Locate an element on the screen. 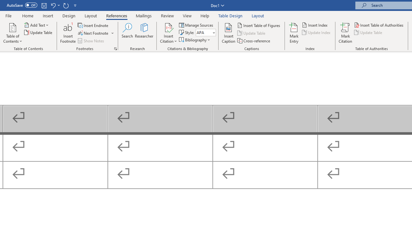  'Update Table...' is located at coordinates (38, 32).